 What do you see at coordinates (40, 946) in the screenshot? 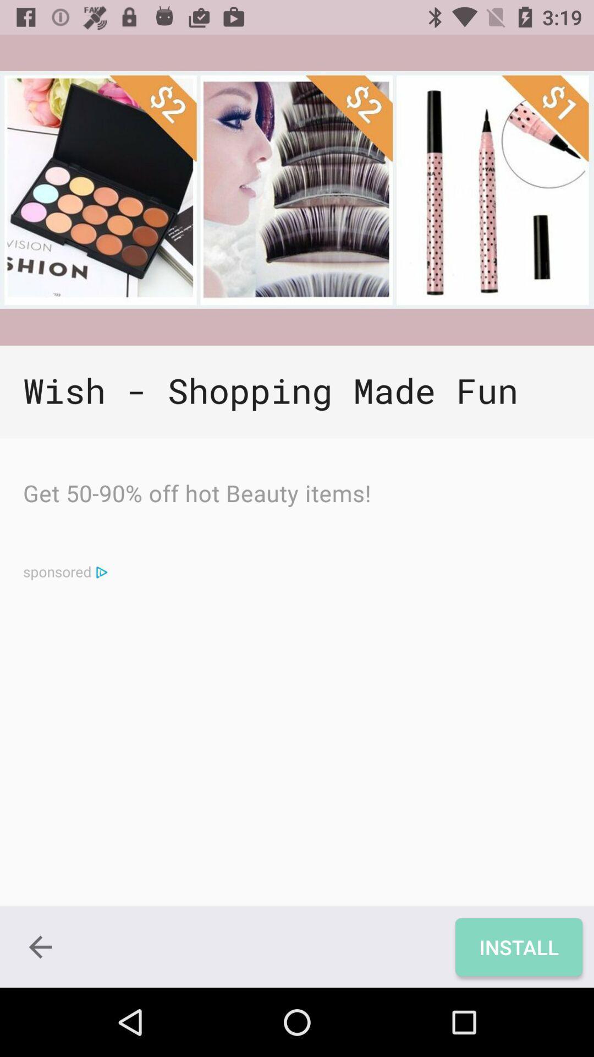
I see `icon at the bottom left corner` at bounding box center [40, 946].